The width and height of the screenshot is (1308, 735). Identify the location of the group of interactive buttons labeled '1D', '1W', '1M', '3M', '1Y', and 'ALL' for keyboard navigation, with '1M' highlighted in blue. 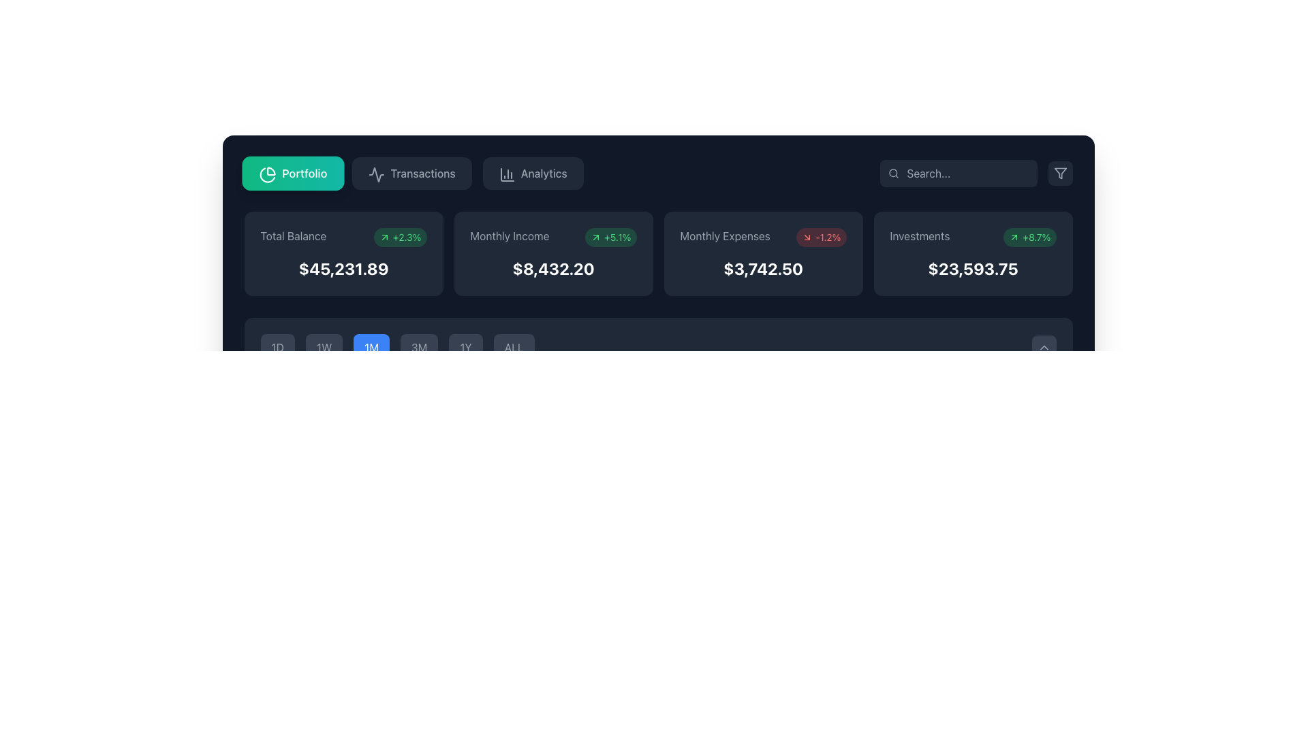
(658, 346).